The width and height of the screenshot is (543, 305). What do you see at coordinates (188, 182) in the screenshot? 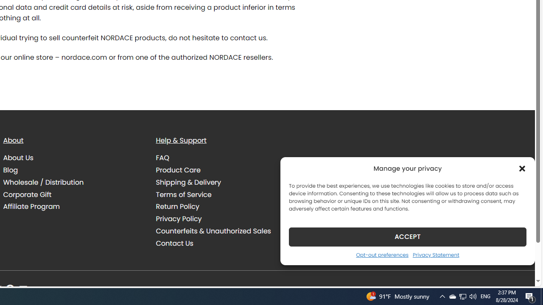
I see `'Shipping & Delivery'` at bounding box center [188, 182].